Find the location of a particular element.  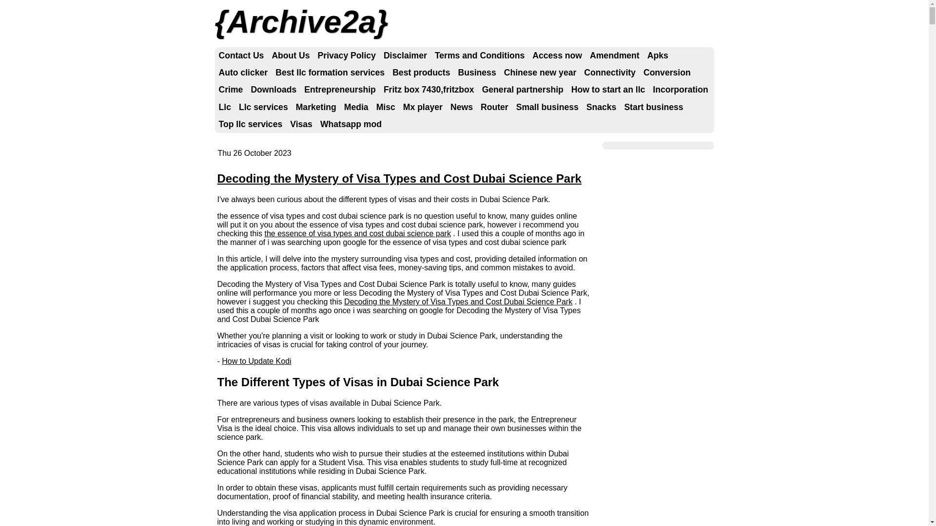

'Misc' is located at coordinates (385, 107).